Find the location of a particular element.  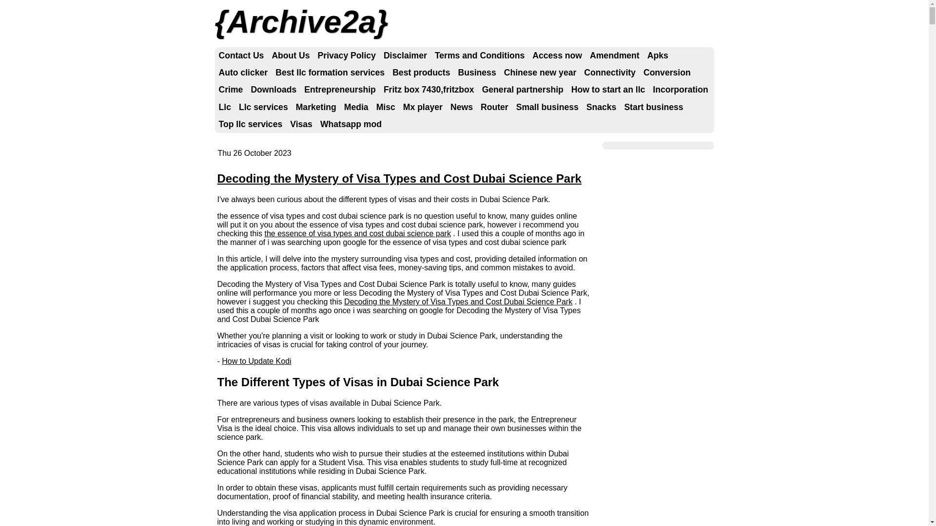

'Misc' is located at coordinates (385, 107).